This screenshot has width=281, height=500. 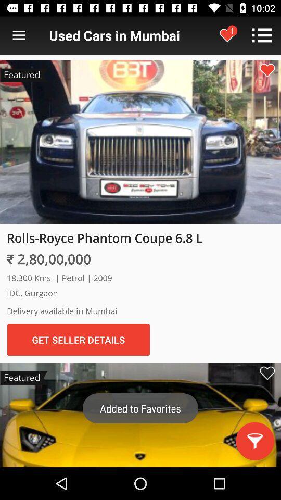 What do you see at coordinates (19, 35) in the screenshot?
I see `open menu` at bounding box center [19, 35].